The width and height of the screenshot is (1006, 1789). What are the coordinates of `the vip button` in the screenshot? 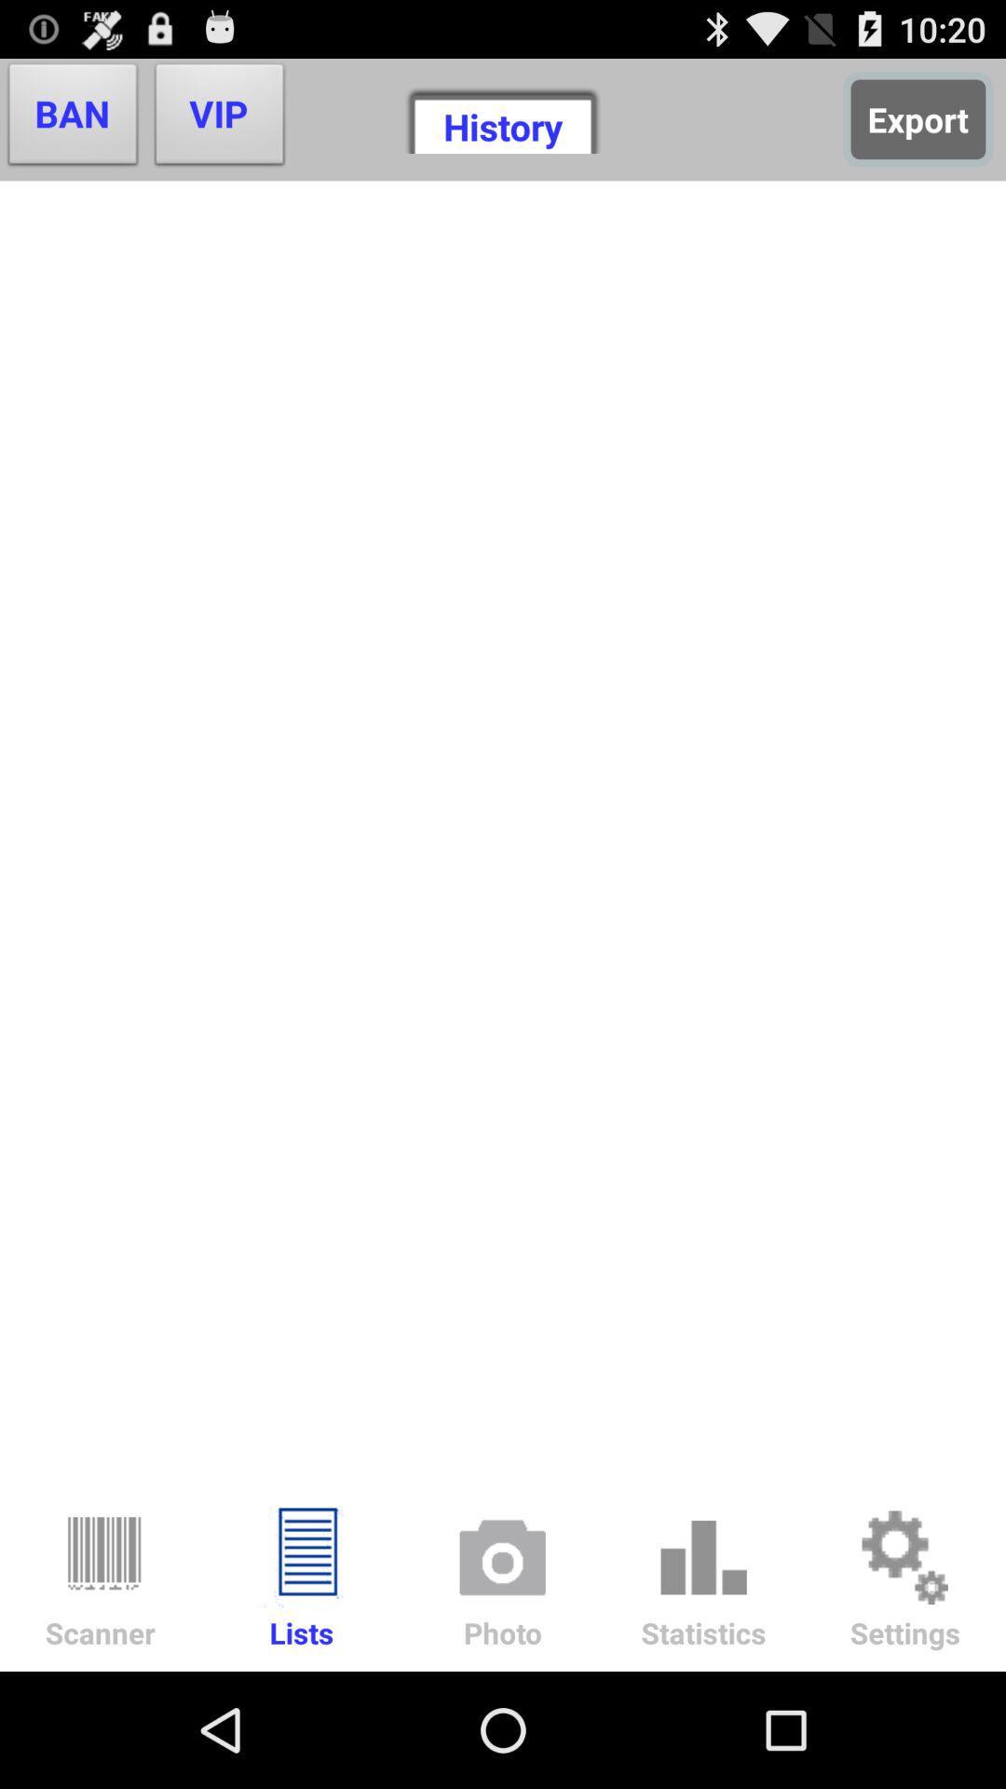 It's located at (219, 118).